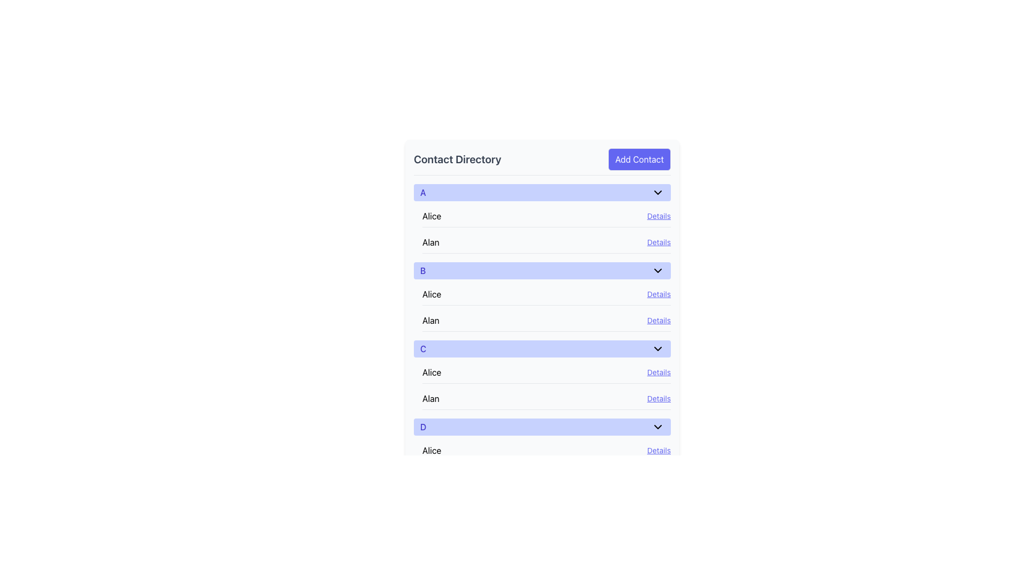 The image size is (1028, 578). Describe the element at coordinates (658, 371) in the screenshot. I see `the 'Details' hyperlink, which is an underlined text label in indigo color located to the right of 'Alice'` at that location.